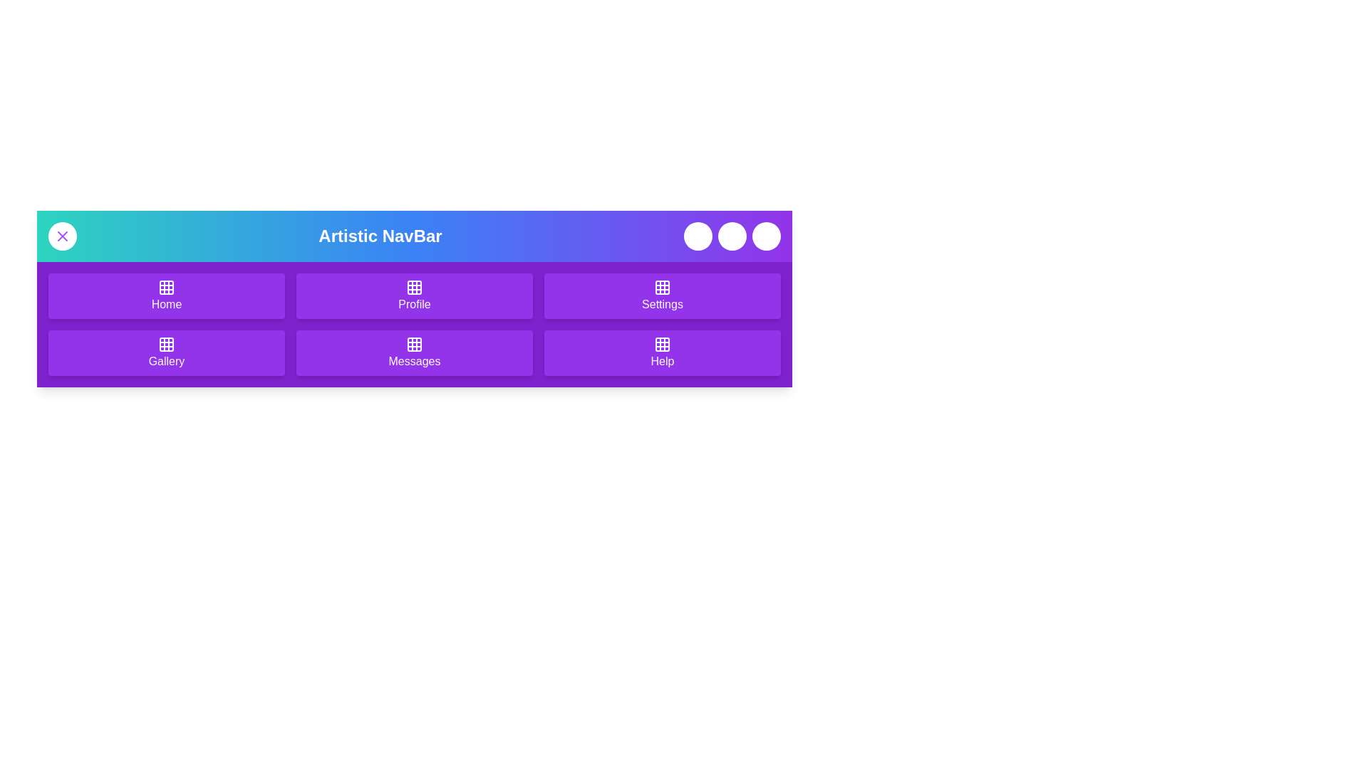  What do you see at coordinates (732, 235) in the screenshot?
I see `the search button located in the top-right corner of the Artistic NavBar` at bounding box center [732, 235].